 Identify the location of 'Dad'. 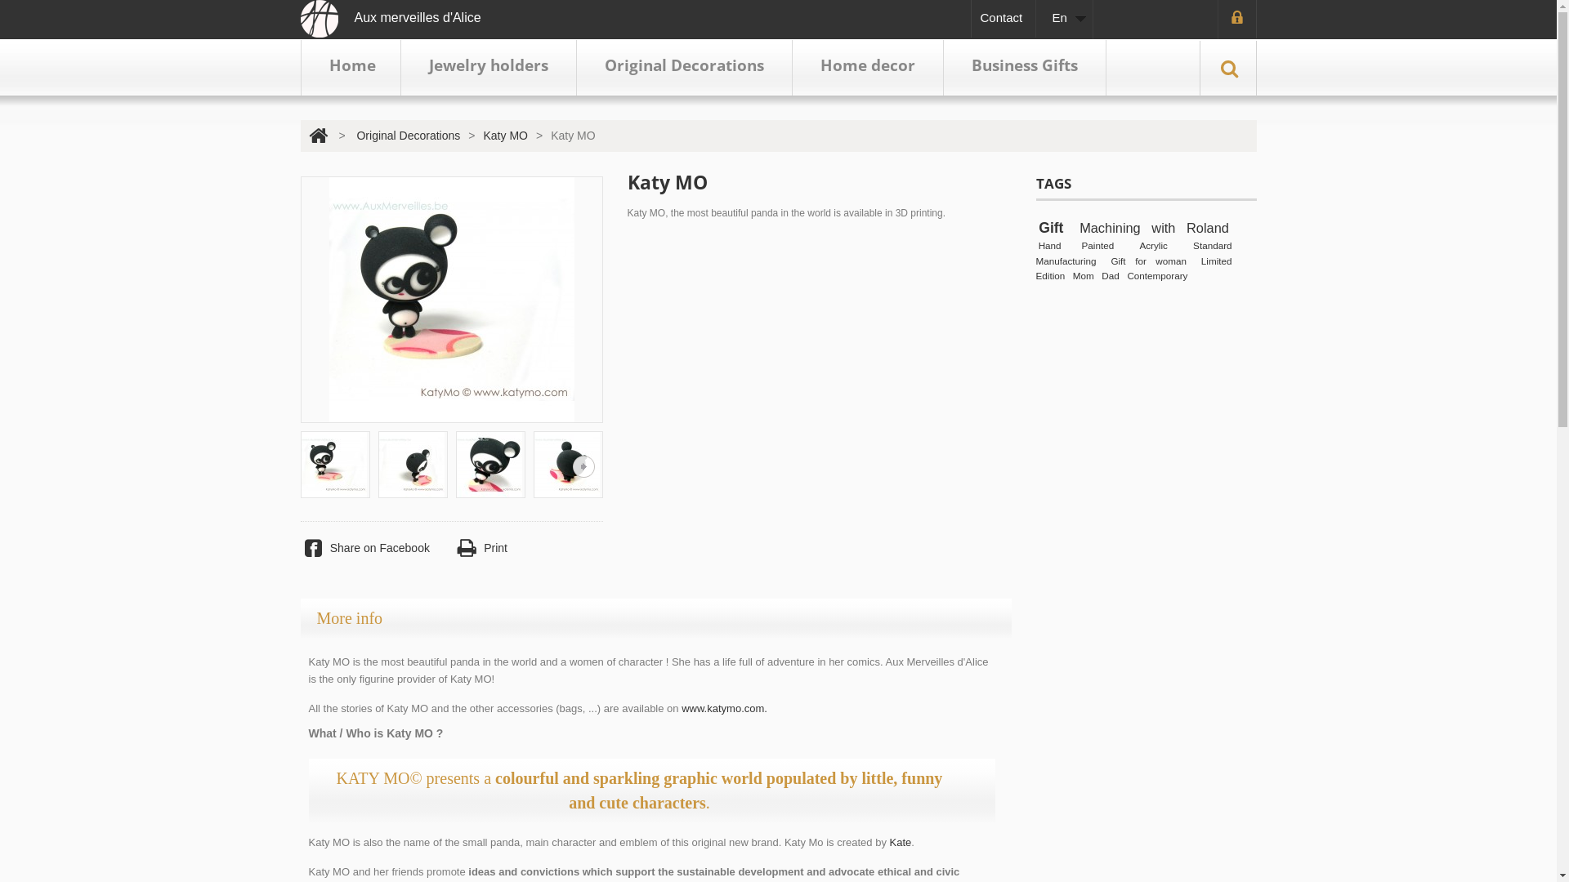
(1110, 276).